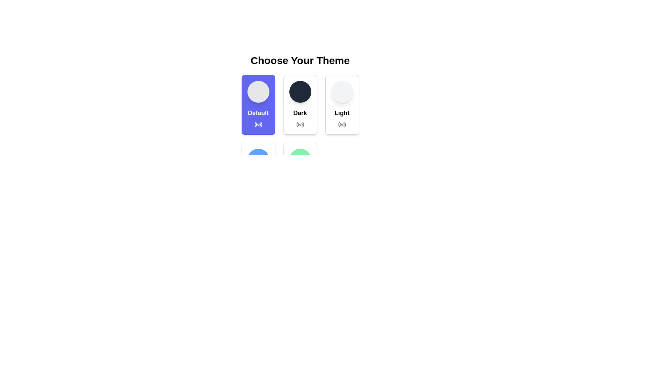 Image resolution: width=659 pixels, height=370 pixels. What do you see at coordinates (345, 124) in the screenshot?
I see `the gray stroke vector graphic that is part of the circular design in the radio button for the 'Light' theme option` at bounding box center [345, 124].